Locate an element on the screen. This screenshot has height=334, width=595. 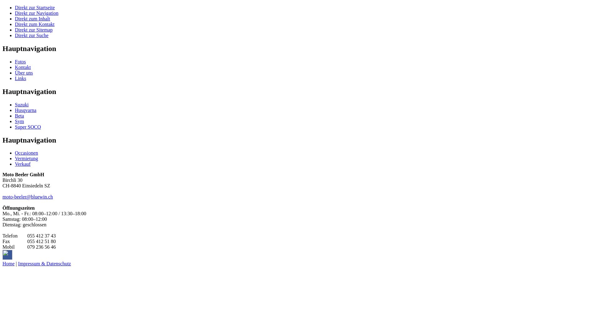
'Direkt zur Navigation' is located at coordinates (36, 13).